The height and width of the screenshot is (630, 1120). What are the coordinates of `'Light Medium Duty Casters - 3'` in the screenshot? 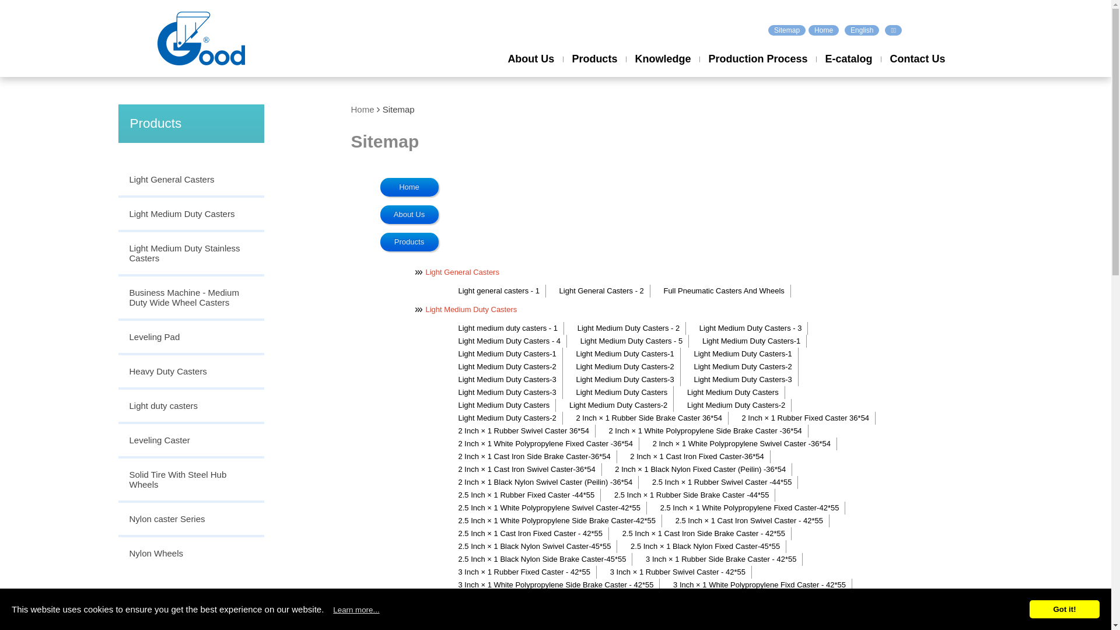 It's located at (691, 328).